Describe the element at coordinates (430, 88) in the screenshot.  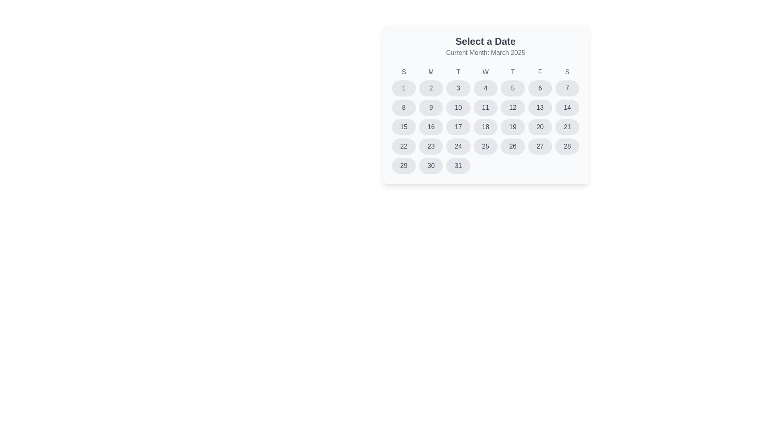
I see `the rounded rectangular button labeled '2' with a light gray background to change its background color` at that location.